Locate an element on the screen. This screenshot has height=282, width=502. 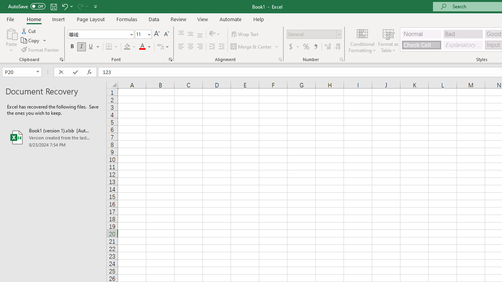
'Name Box' is located at coordinates (18, 72).